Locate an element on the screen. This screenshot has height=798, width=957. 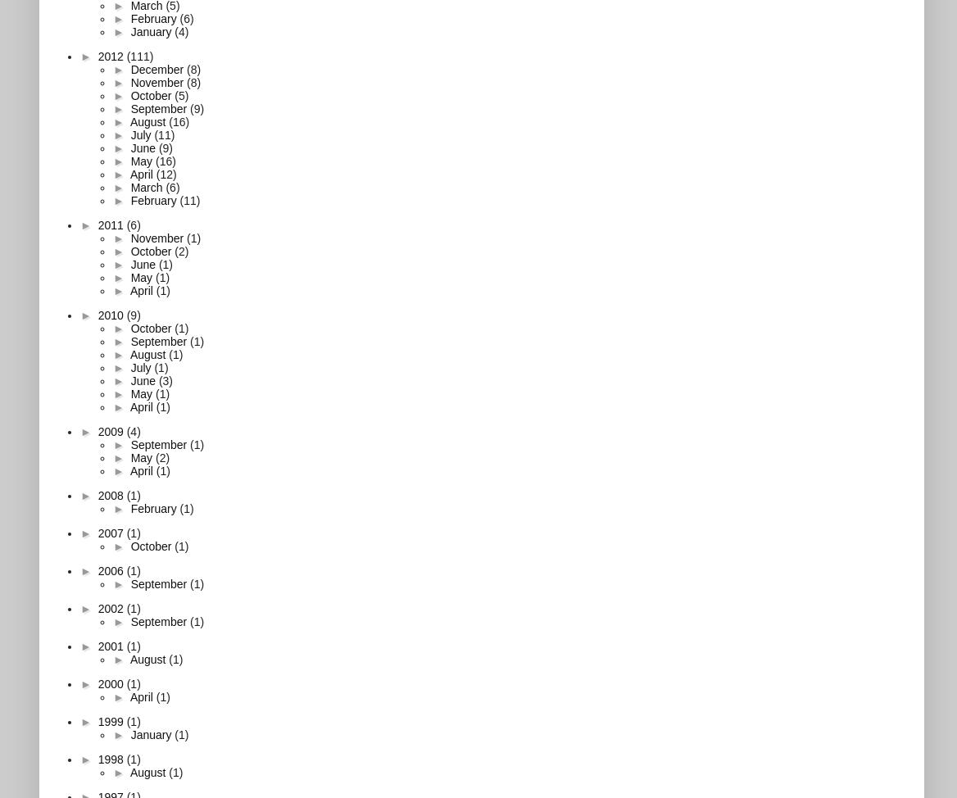
'(5)' is located at coordinates (180, 94).